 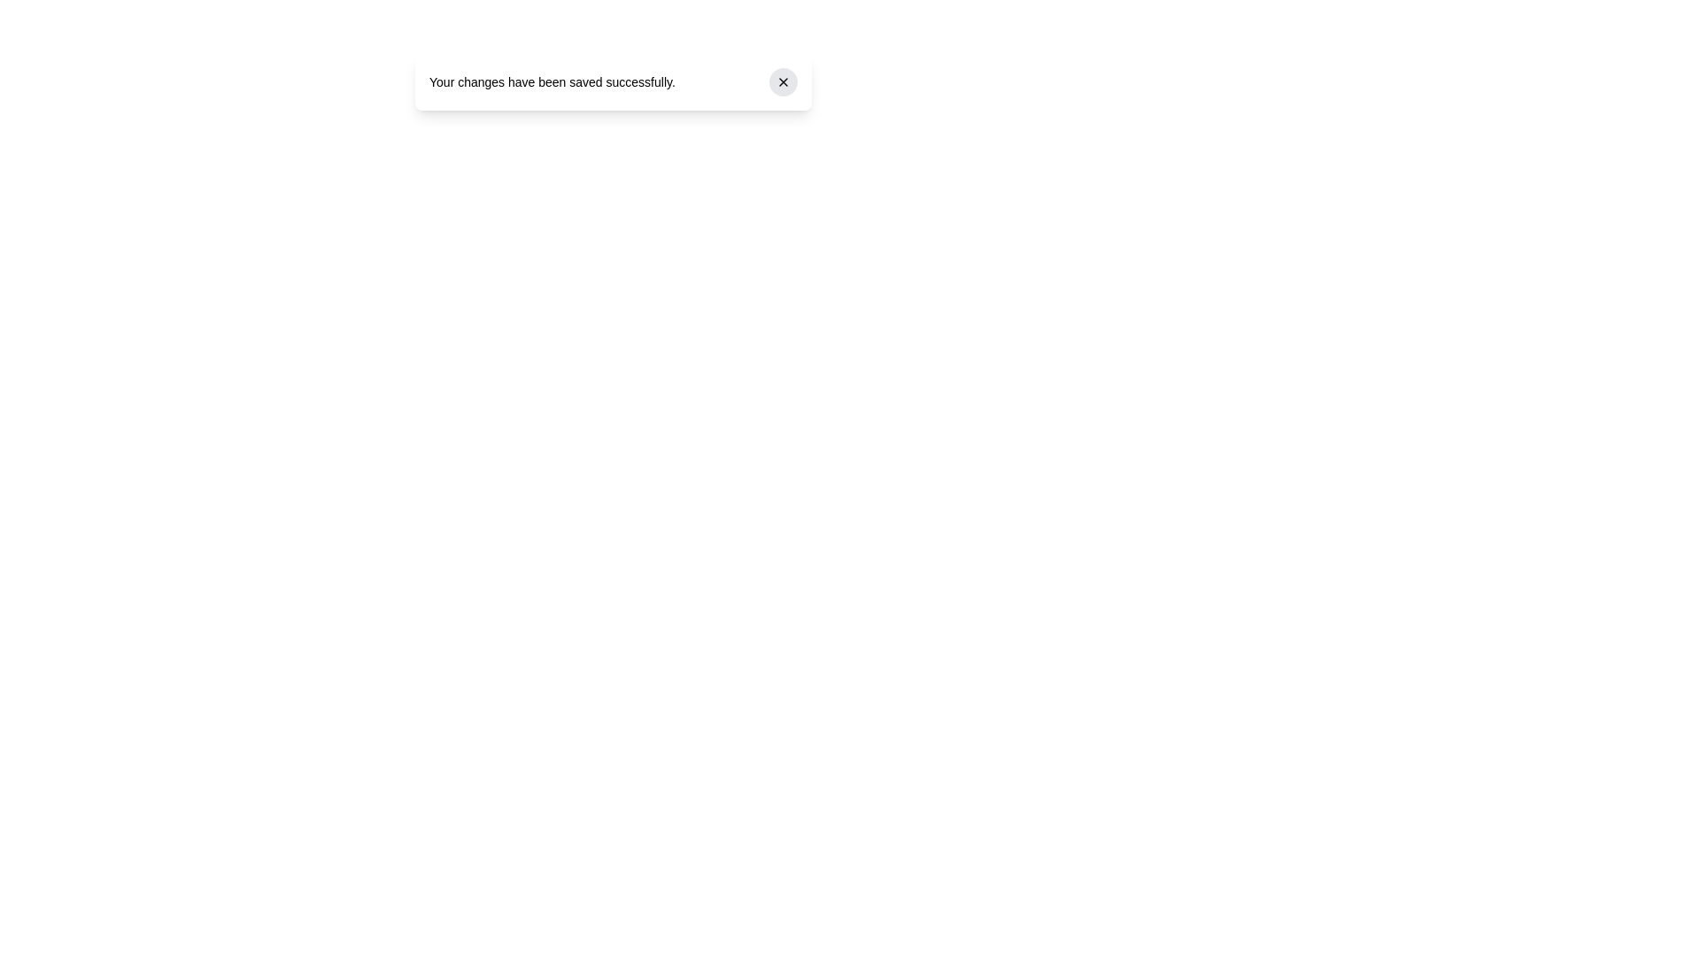 I want to click on the success message text that indicates changes have been successfully saved, located in the left-central portion of the notification box, so click(x=552, y=81).